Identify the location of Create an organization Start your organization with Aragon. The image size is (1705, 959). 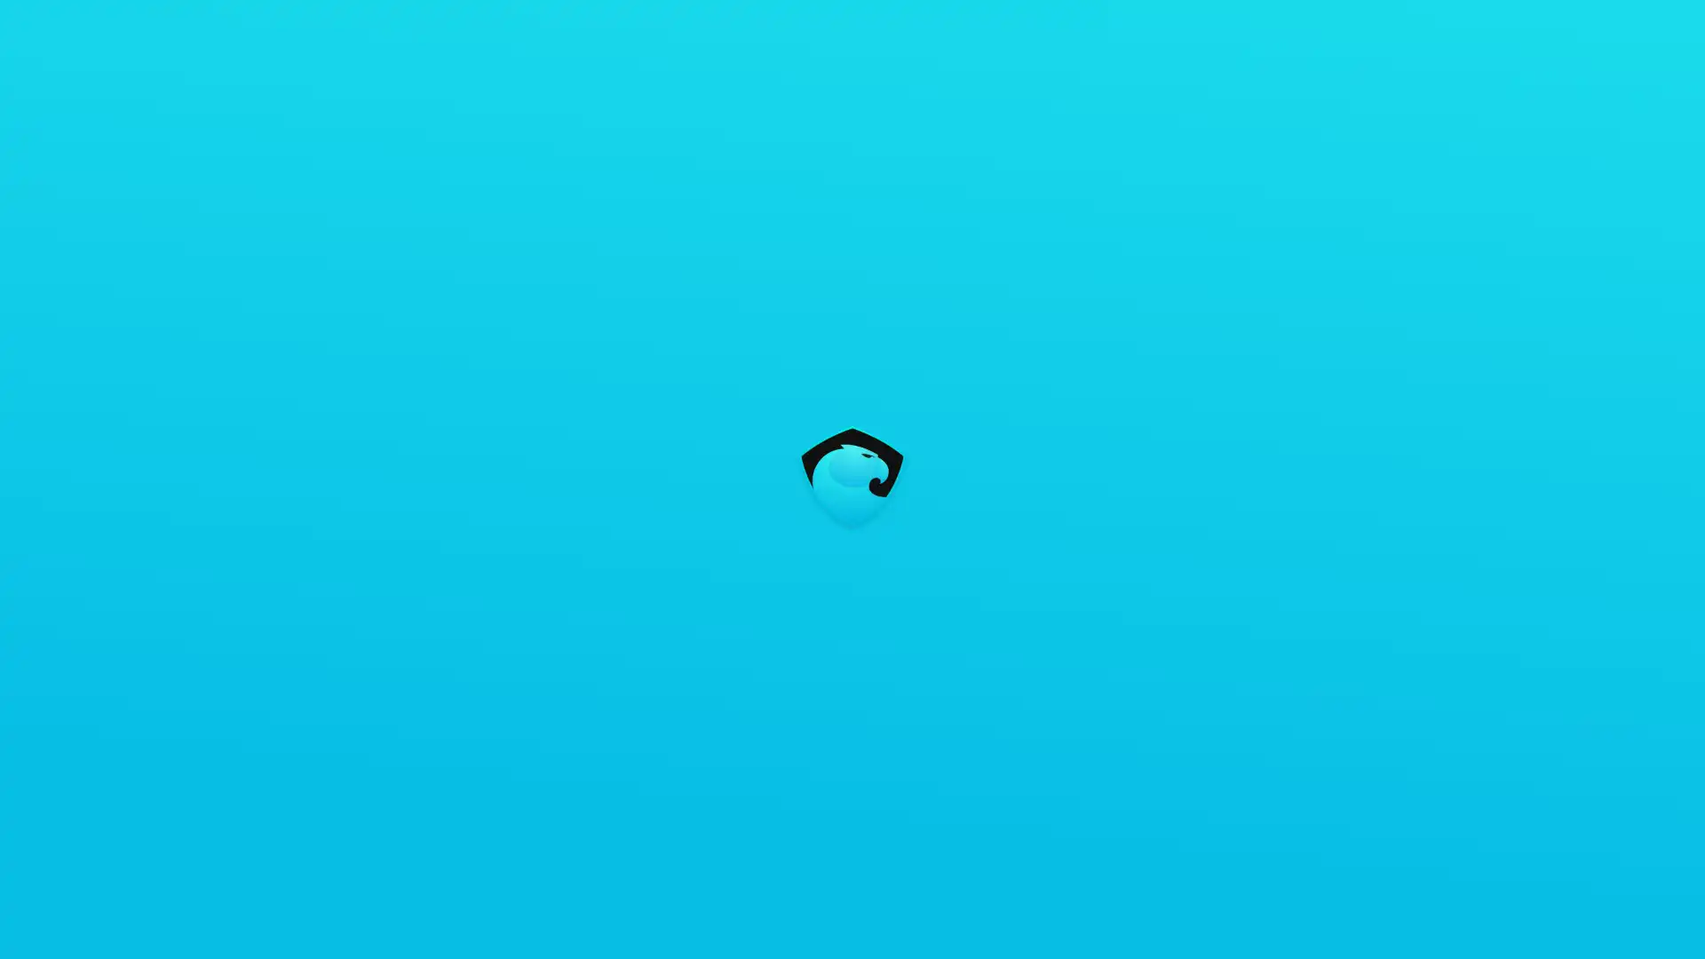
(728, 280).